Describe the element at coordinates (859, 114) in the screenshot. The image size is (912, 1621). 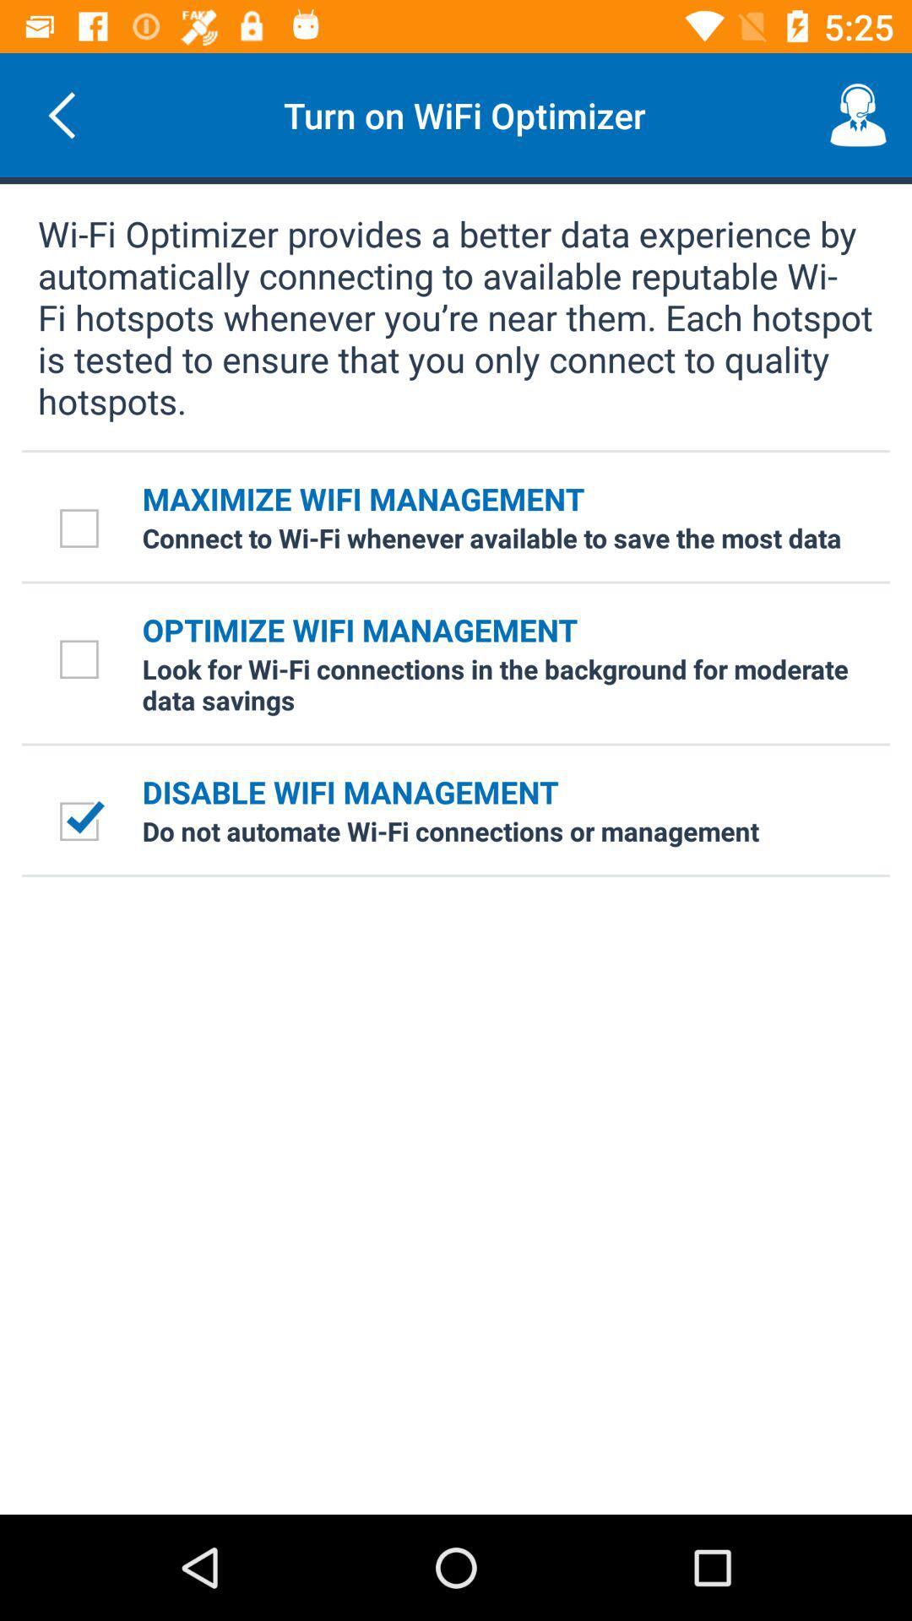
I see `the icon at the top right corner` at that location.